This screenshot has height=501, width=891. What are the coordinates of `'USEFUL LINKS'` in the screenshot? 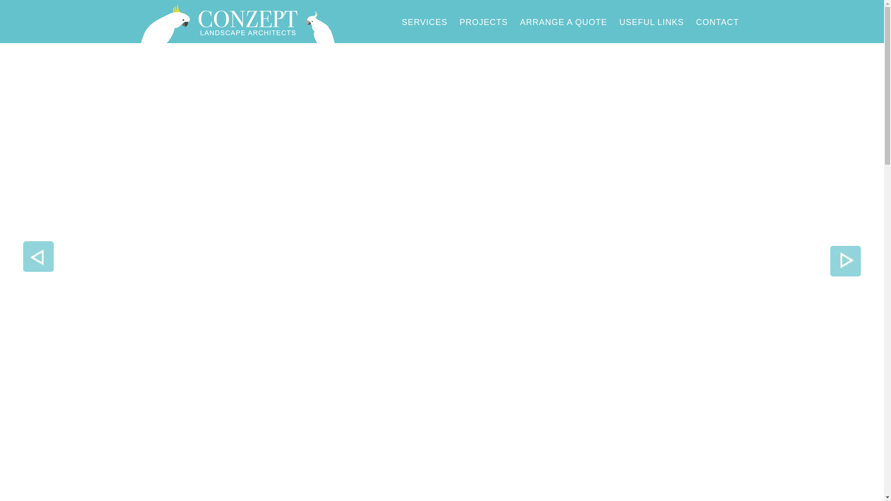 It's located at (651, 21).